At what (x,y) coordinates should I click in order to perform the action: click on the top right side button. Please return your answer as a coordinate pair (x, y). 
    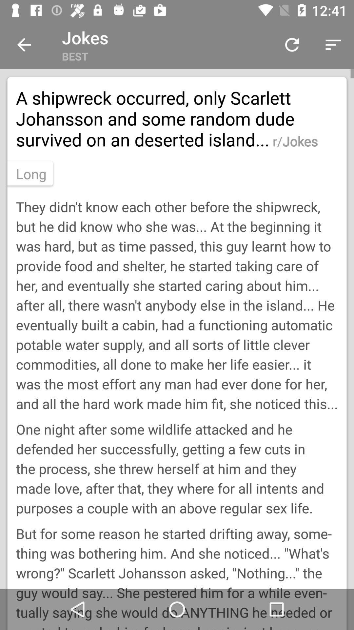
    Looking at the image, I should click on (333, 45).